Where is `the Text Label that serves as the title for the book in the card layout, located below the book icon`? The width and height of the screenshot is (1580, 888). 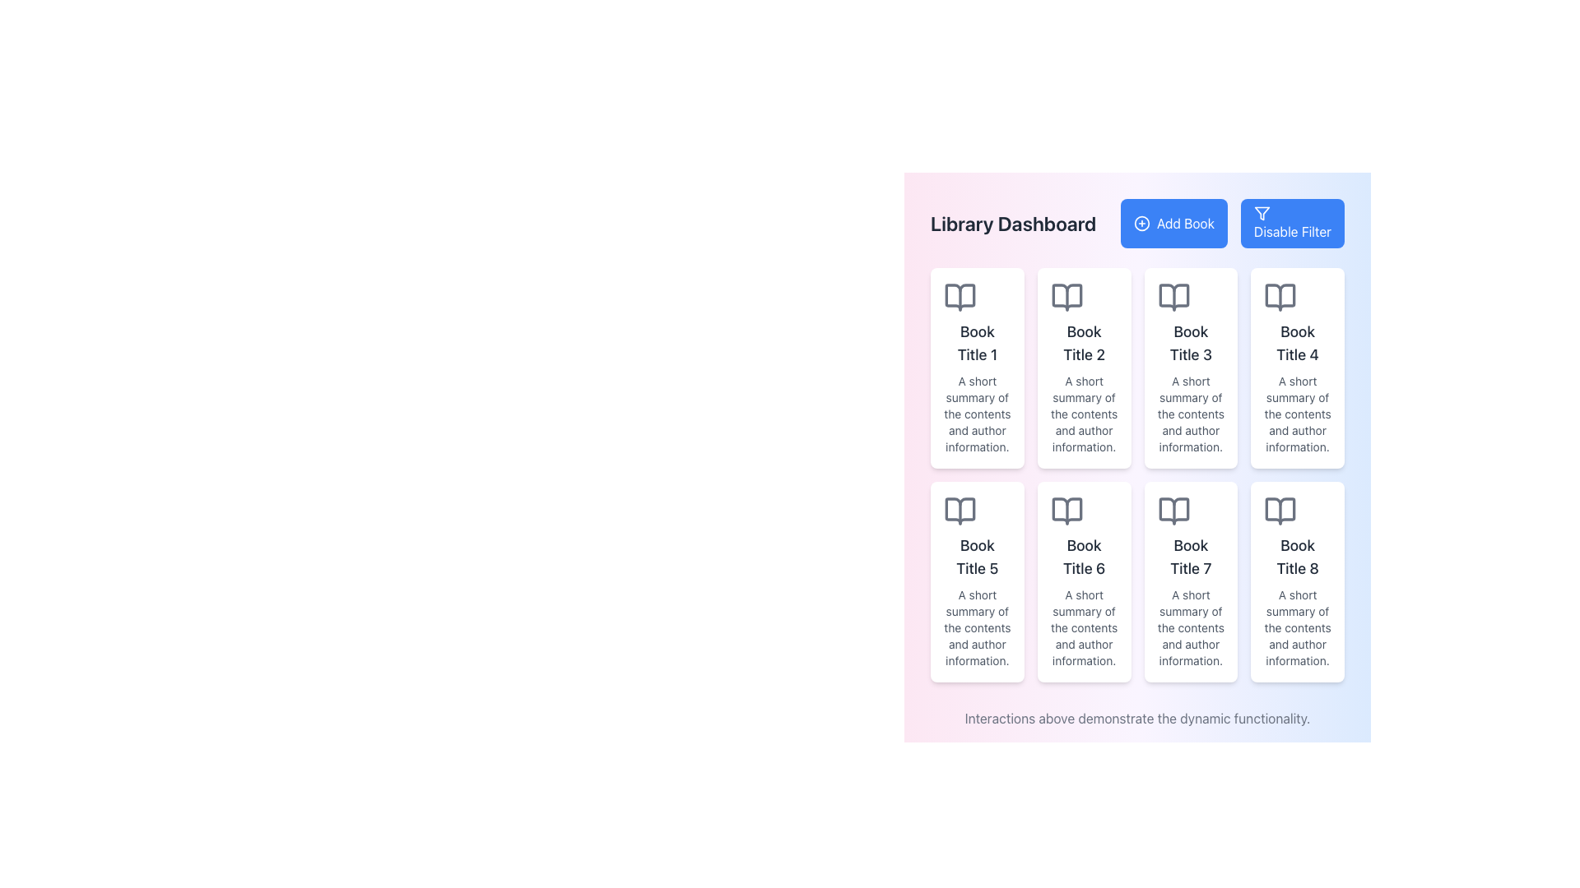
the Text Label that serves as the title for the book in the card layout, located below the book icon is located at coordinates (1084, 342).